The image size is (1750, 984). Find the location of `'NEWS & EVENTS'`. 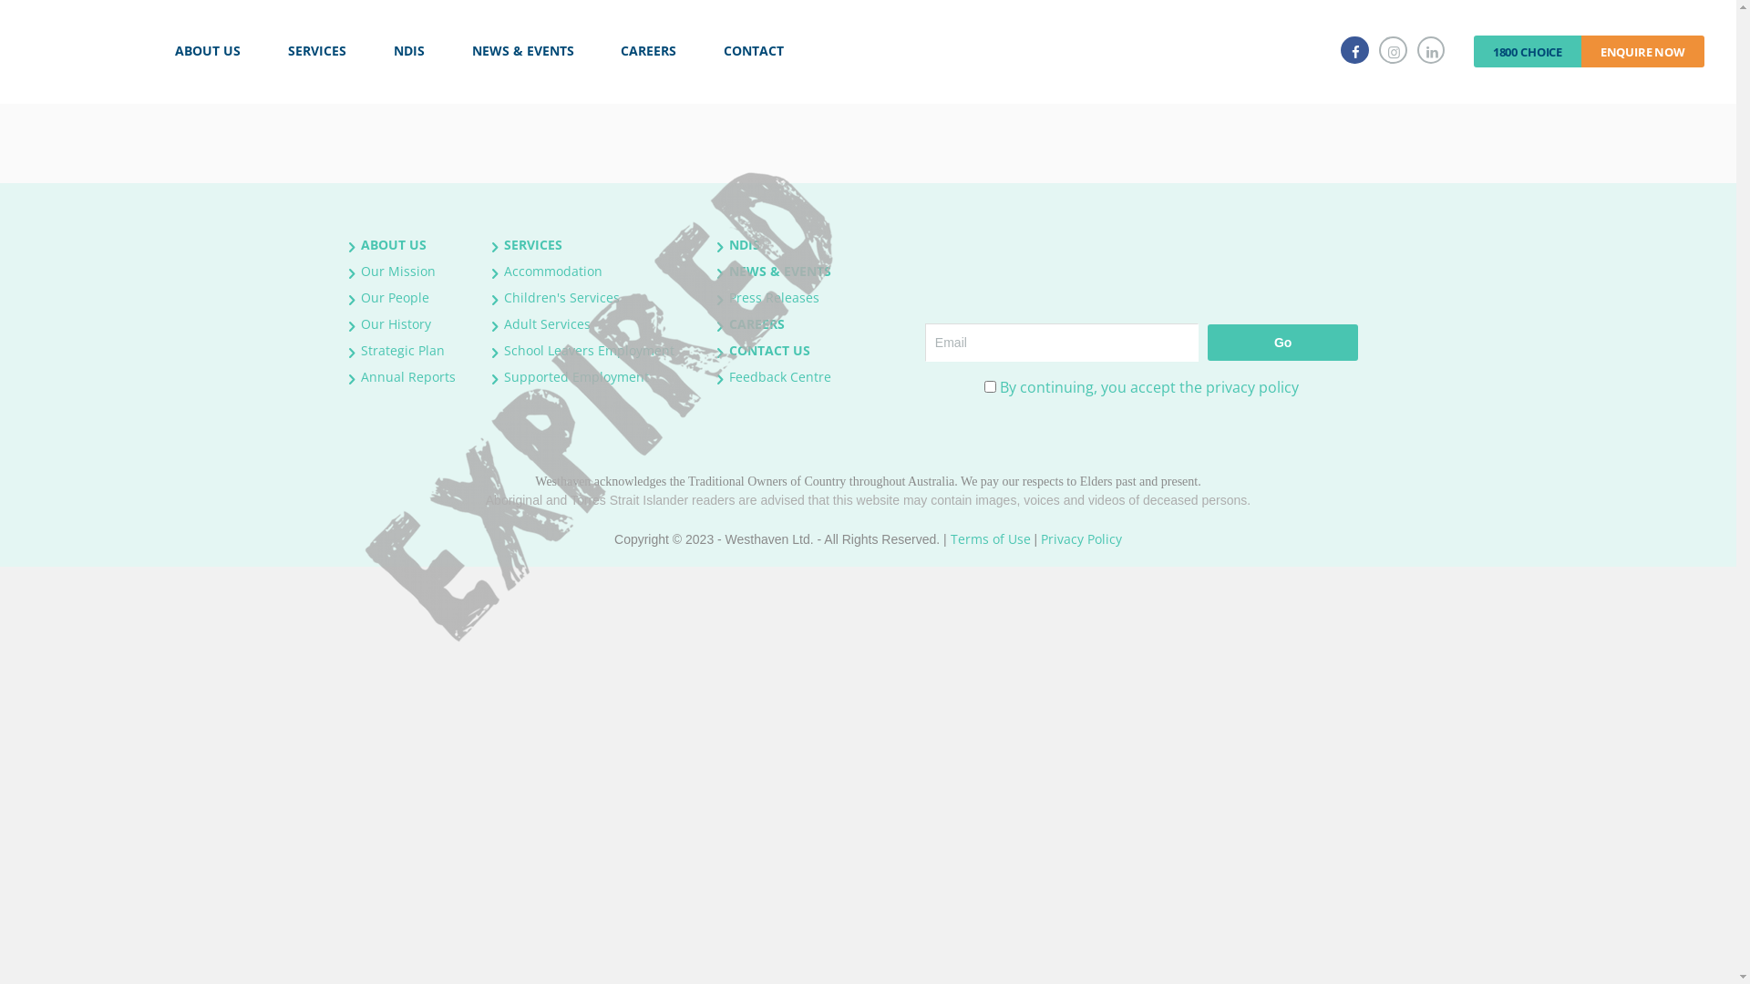

'NEWS & EVENTS' is located at coordinates (779, 271).